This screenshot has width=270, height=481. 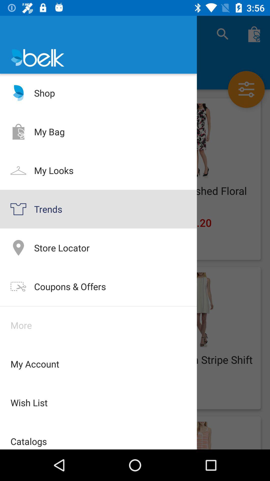 What do you see at coordinates (246, 89) in the screenshot?
I see `the sliders icon` at bounding box center [246, 89].